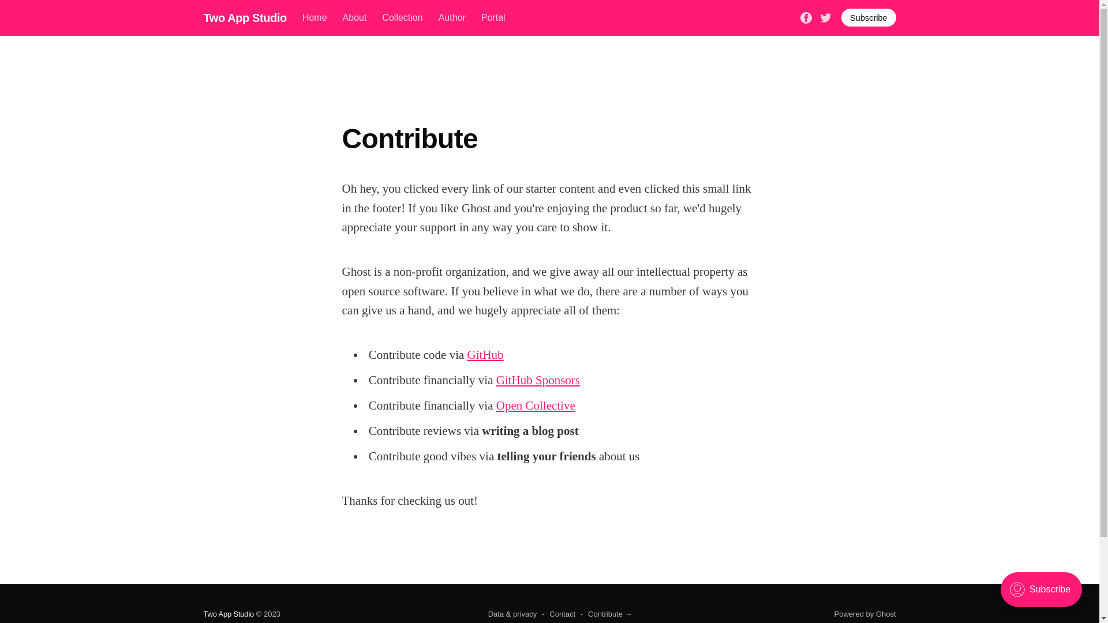  What do you see at coordinates (496, 380) in the screenshot?
I see `'GitHub Sponsors'` at bounding box center [496, 380].